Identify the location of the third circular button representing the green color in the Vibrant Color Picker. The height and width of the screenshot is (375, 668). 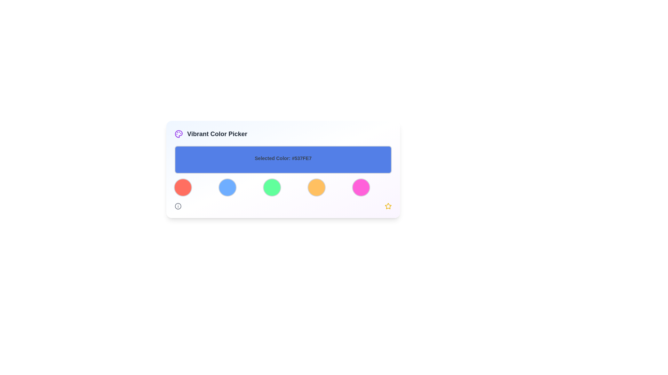
(283, 187).